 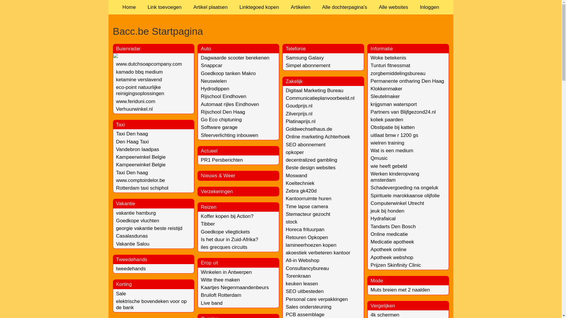 I want to click on 'Online medicatie', so click(x=370, y=234).